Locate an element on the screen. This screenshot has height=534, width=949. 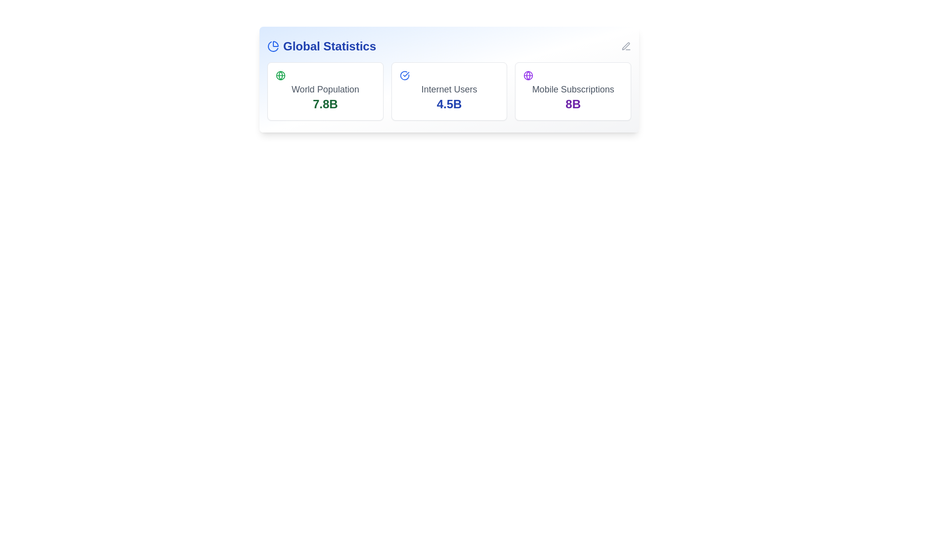
the globe icon representing mobile subscriptions located in the top left of the third card under the 'Global Statistics' header is located at coordinates (528, 75).